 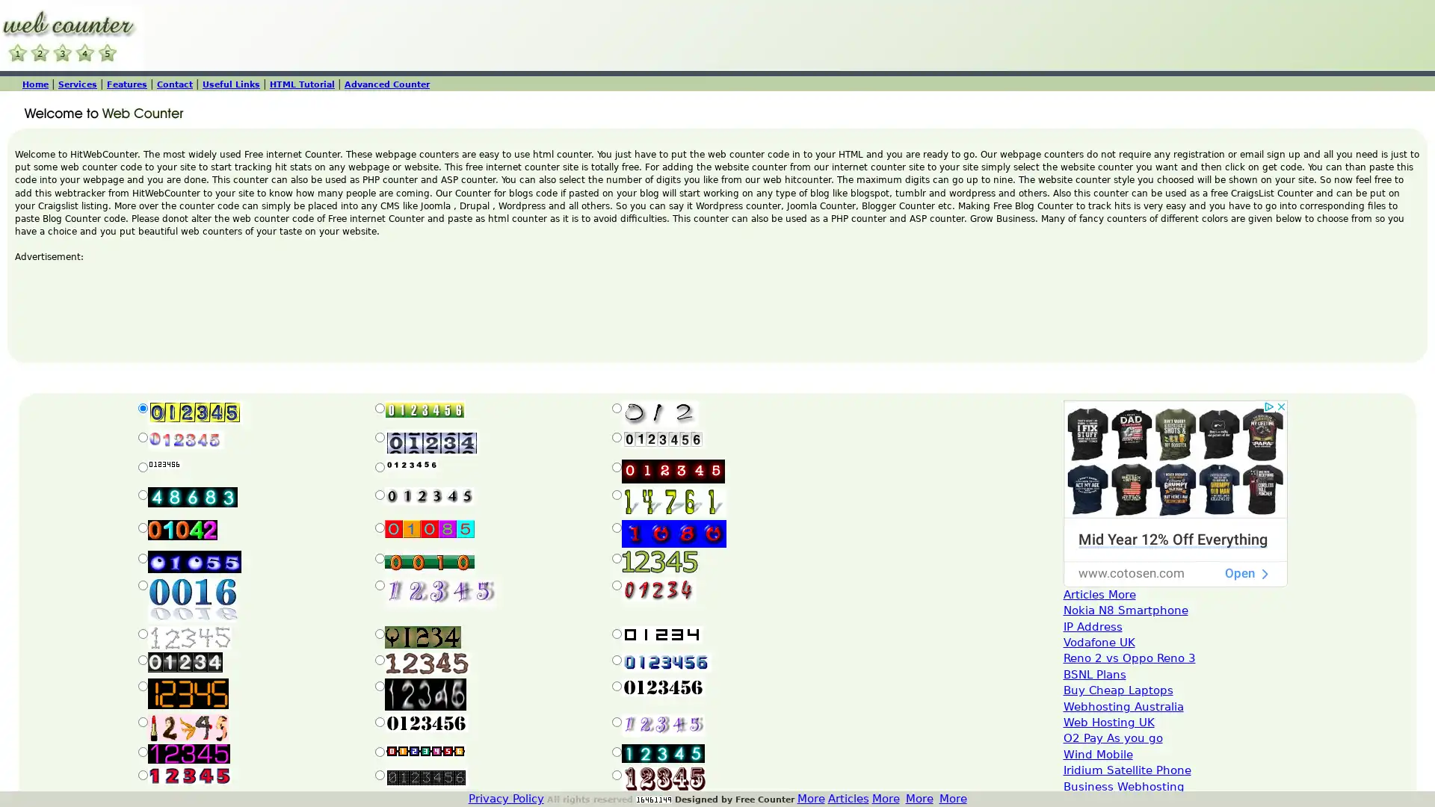 What do you see at coordinates (164, 463) in the screenshot?
I see `Submit` at bounding box center [164, 463].